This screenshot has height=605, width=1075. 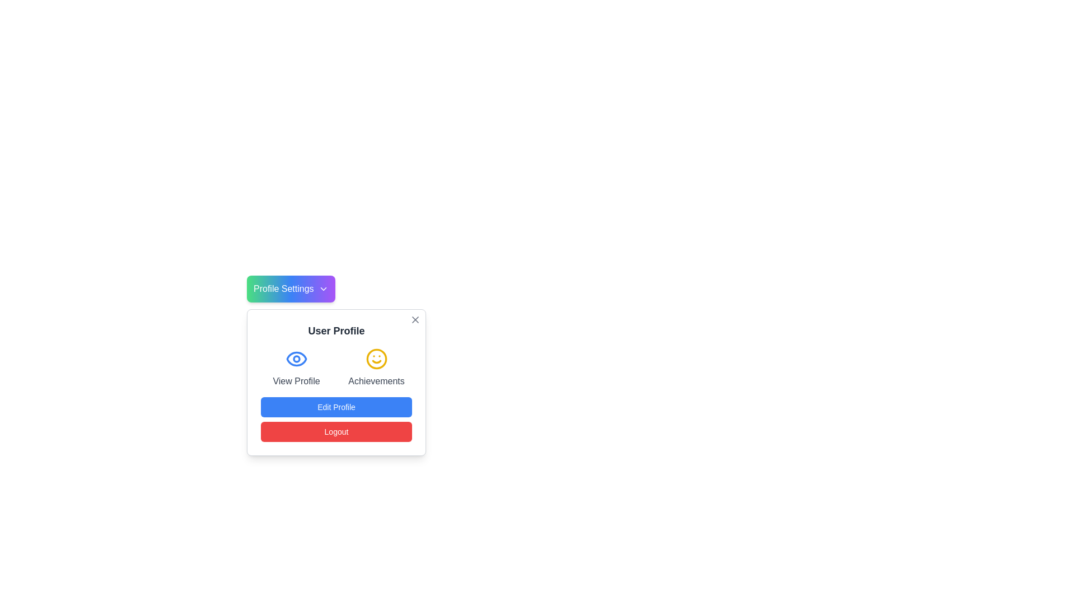 I want to click on the 'View Profile' text label located inside the 'User Profile' modal, positioned beneath an eye icon and to the left of a smiling face icon, so click(x=296, y=381).